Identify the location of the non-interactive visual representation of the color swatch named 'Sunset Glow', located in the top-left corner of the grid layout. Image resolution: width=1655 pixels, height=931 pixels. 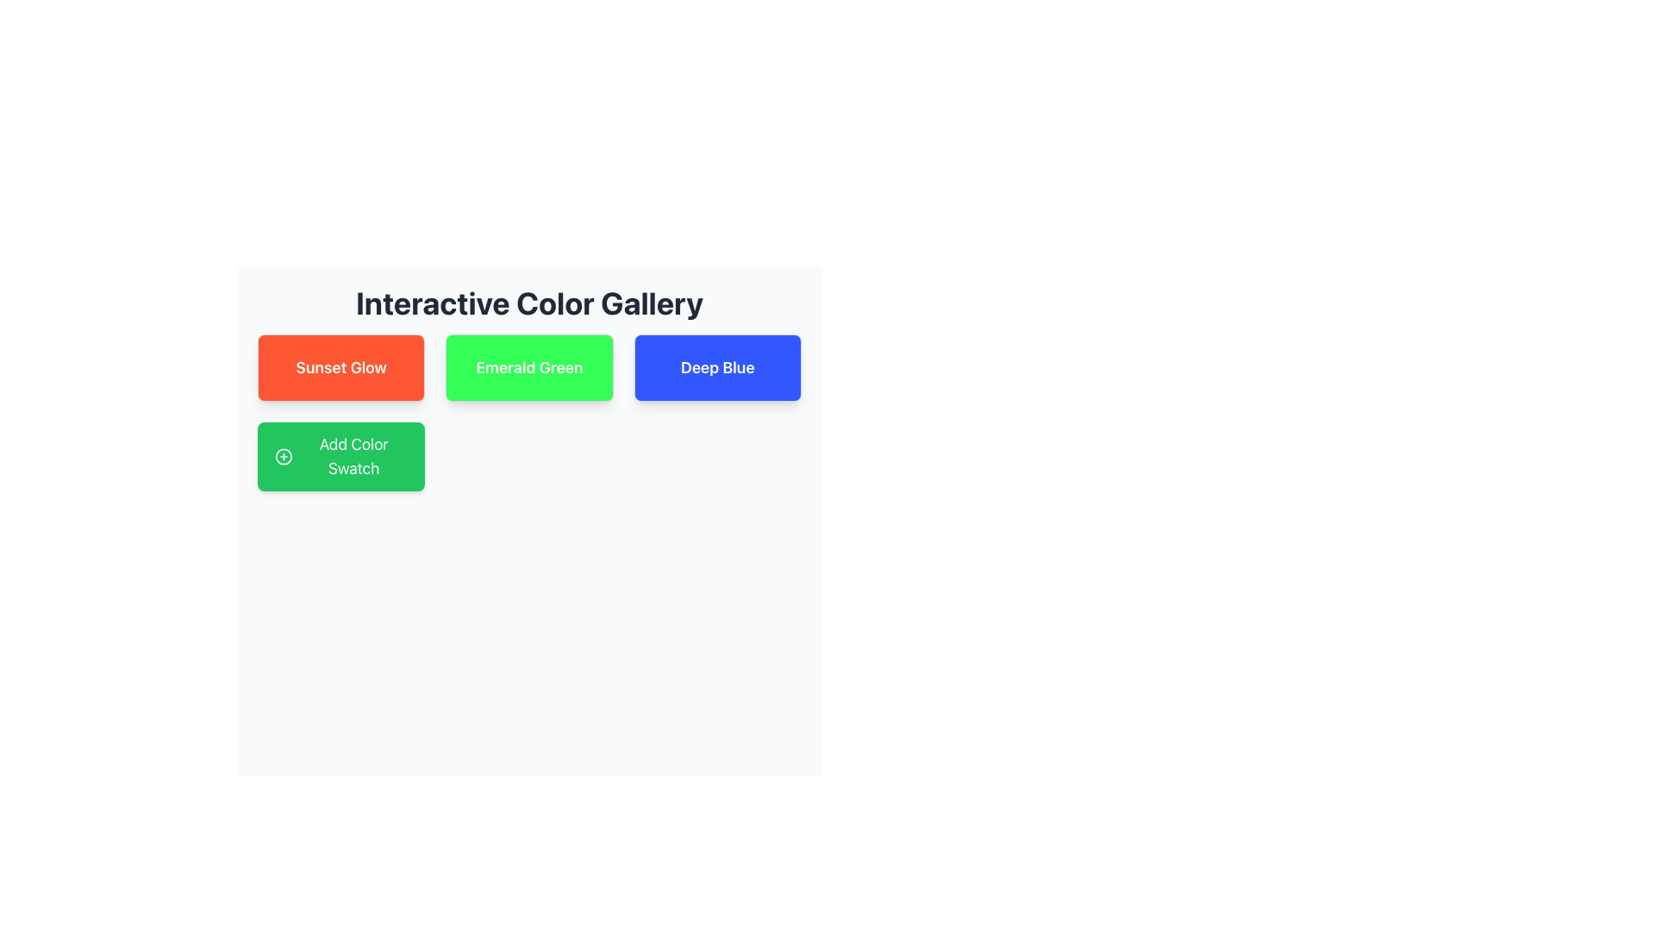
(341, 367).